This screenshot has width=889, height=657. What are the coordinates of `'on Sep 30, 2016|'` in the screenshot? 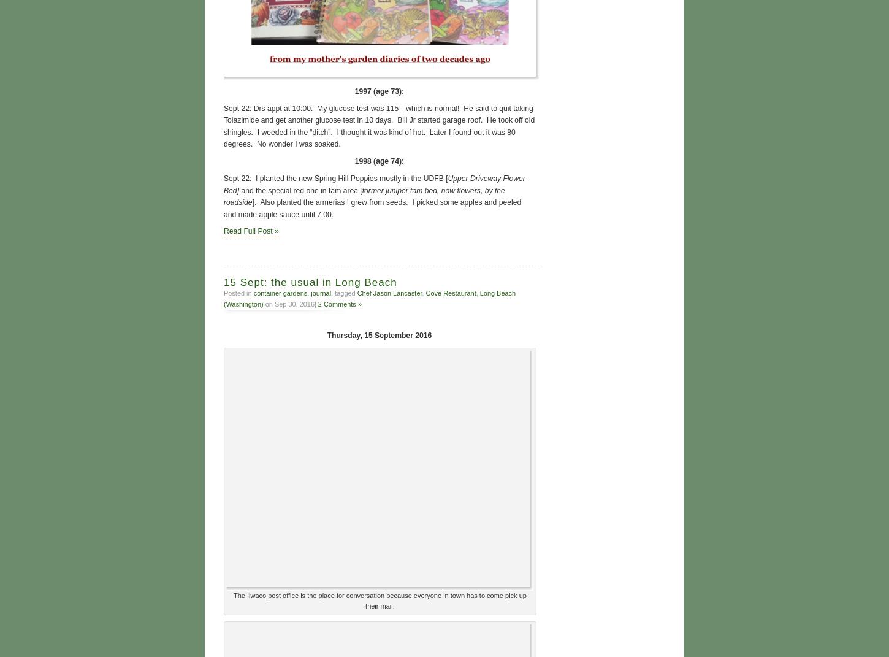 It's located at (289, 301).